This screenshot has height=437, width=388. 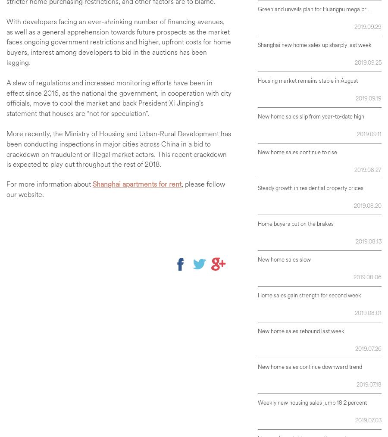 I want to click on 'New home sales continue downward trend', so click(x=309, y=366).